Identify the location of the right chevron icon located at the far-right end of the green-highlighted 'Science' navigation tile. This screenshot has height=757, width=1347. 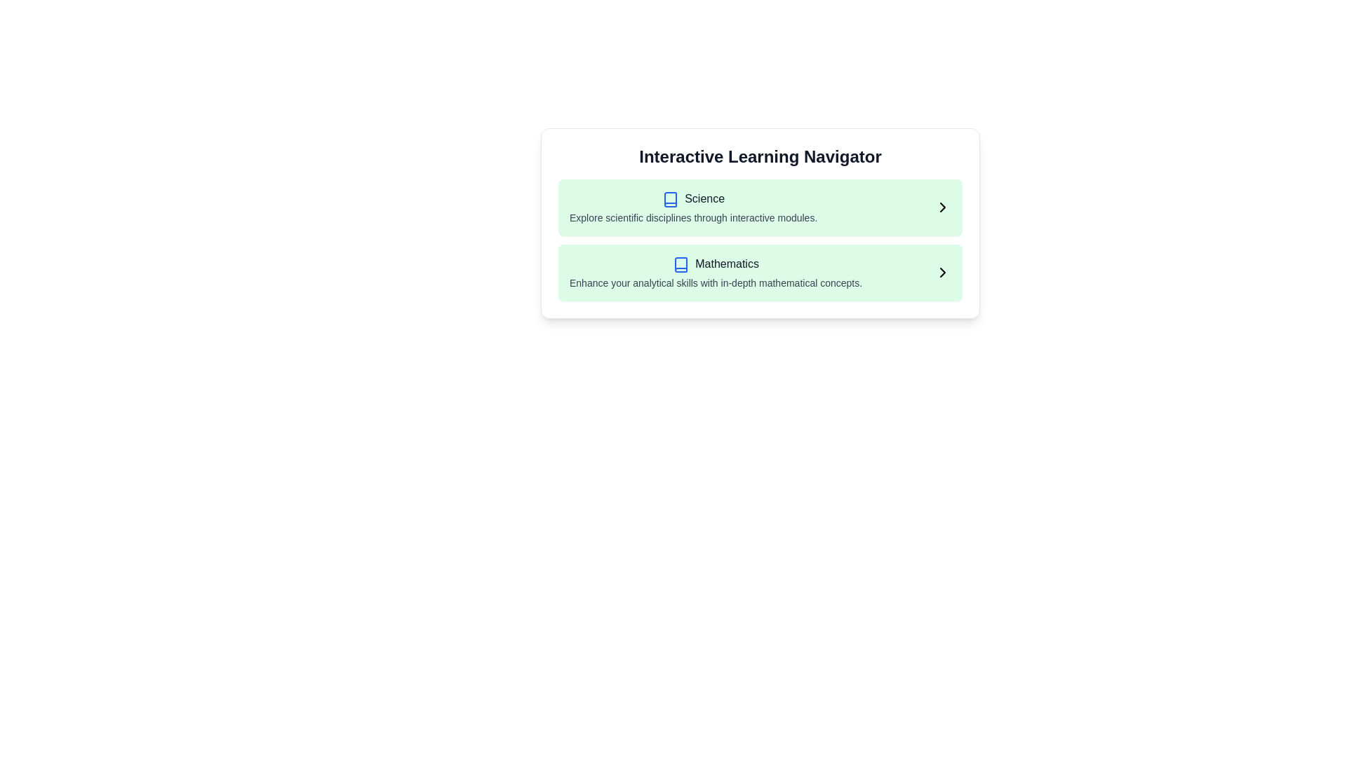
(943, 207).